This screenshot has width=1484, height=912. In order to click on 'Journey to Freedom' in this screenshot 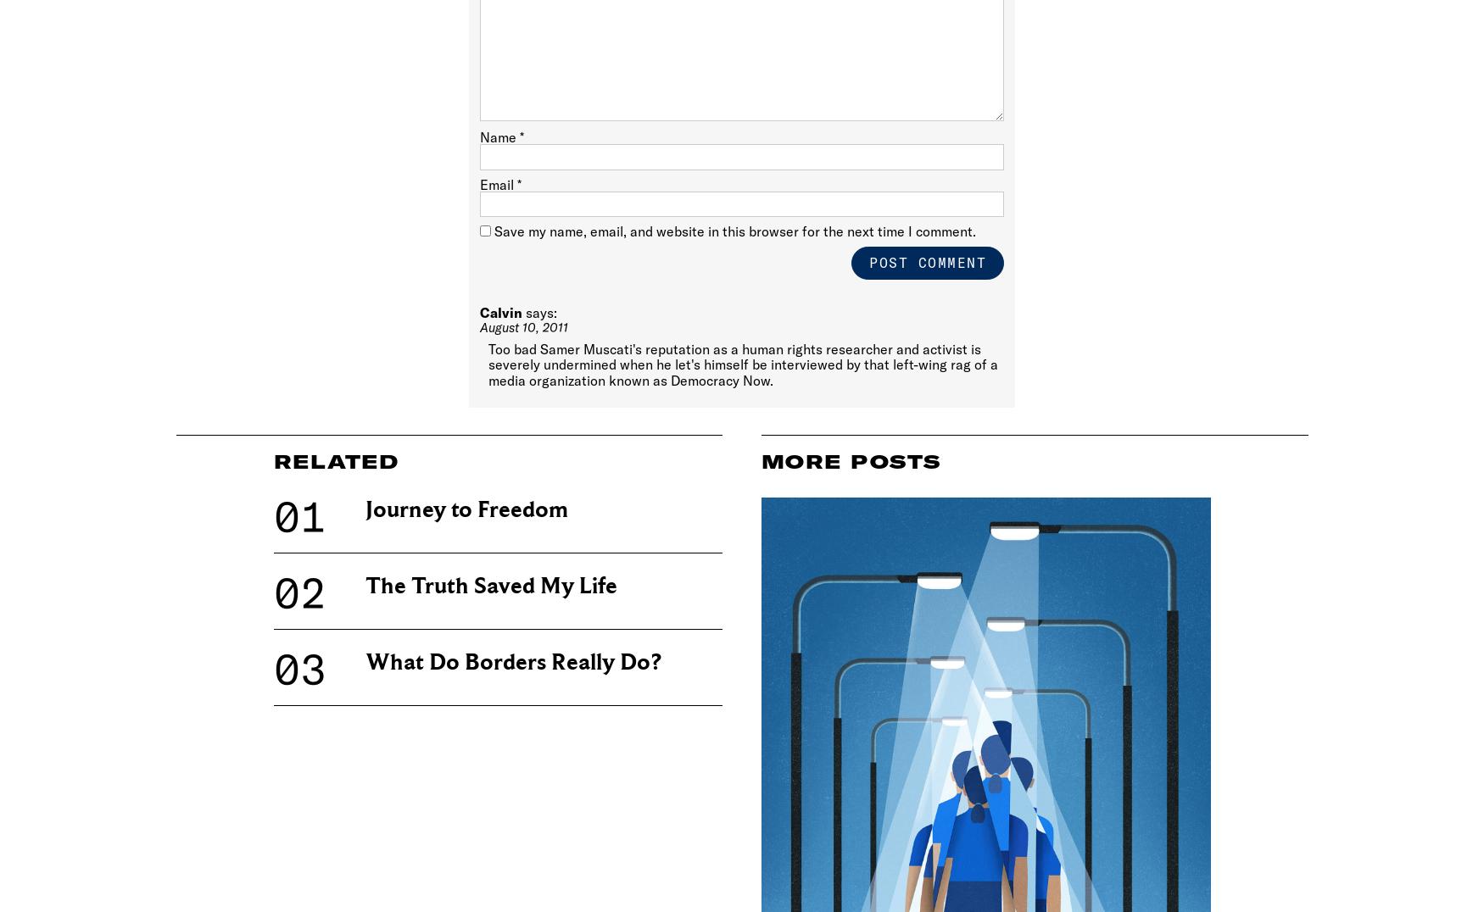, I will do `click(465, 509)`.